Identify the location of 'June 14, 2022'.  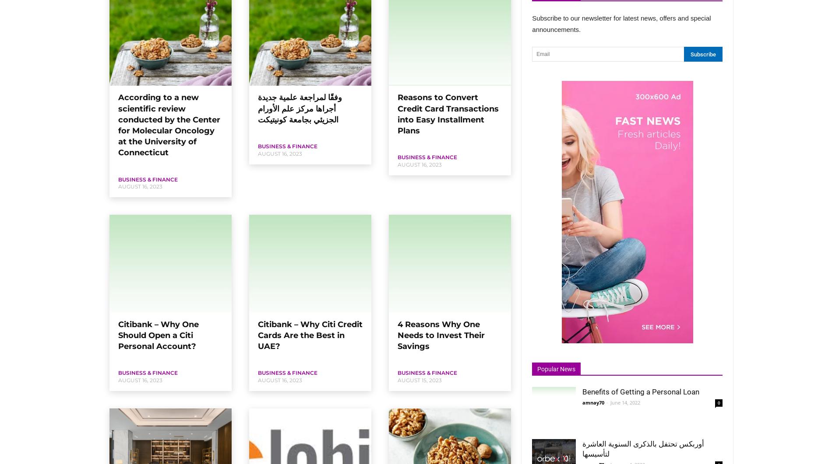
(625, 402).